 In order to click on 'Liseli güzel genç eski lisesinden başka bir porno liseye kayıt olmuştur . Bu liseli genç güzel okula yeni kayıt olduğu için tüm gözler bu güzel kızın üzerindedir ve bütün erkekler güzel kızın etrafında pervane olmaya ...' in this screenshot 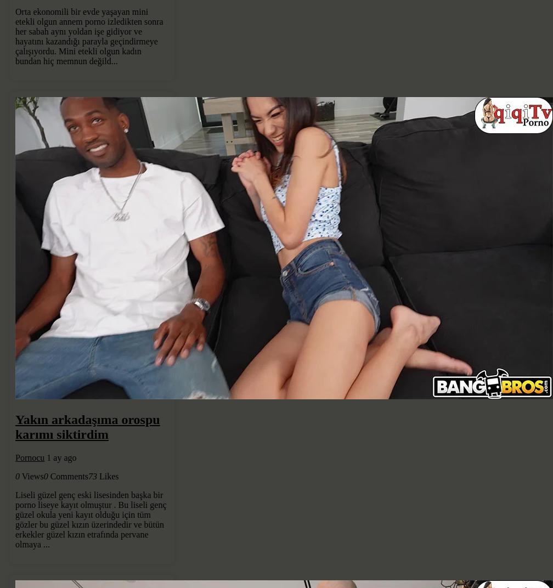, I will do `click(91, 519)`.